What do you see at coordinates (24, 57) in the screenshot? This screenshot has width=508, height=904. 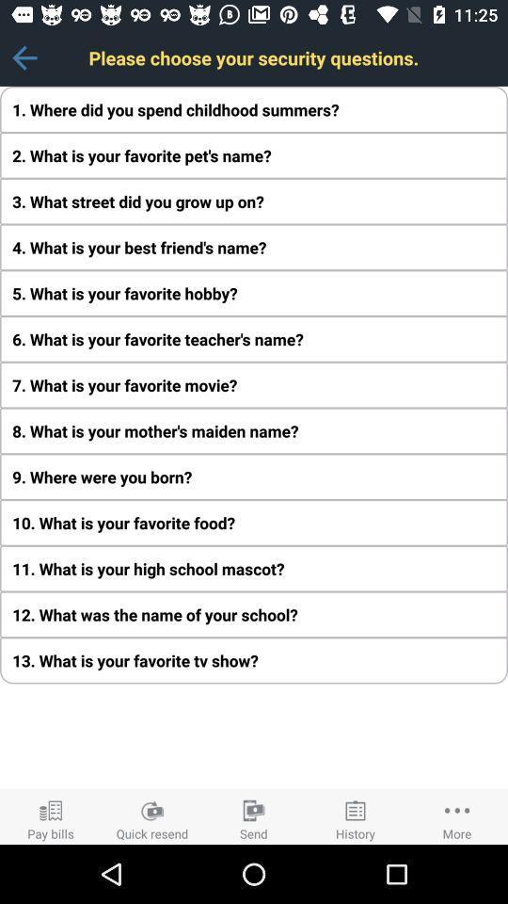 I see `icon to the left of the please choose your app` at bounding box center [24, 57].